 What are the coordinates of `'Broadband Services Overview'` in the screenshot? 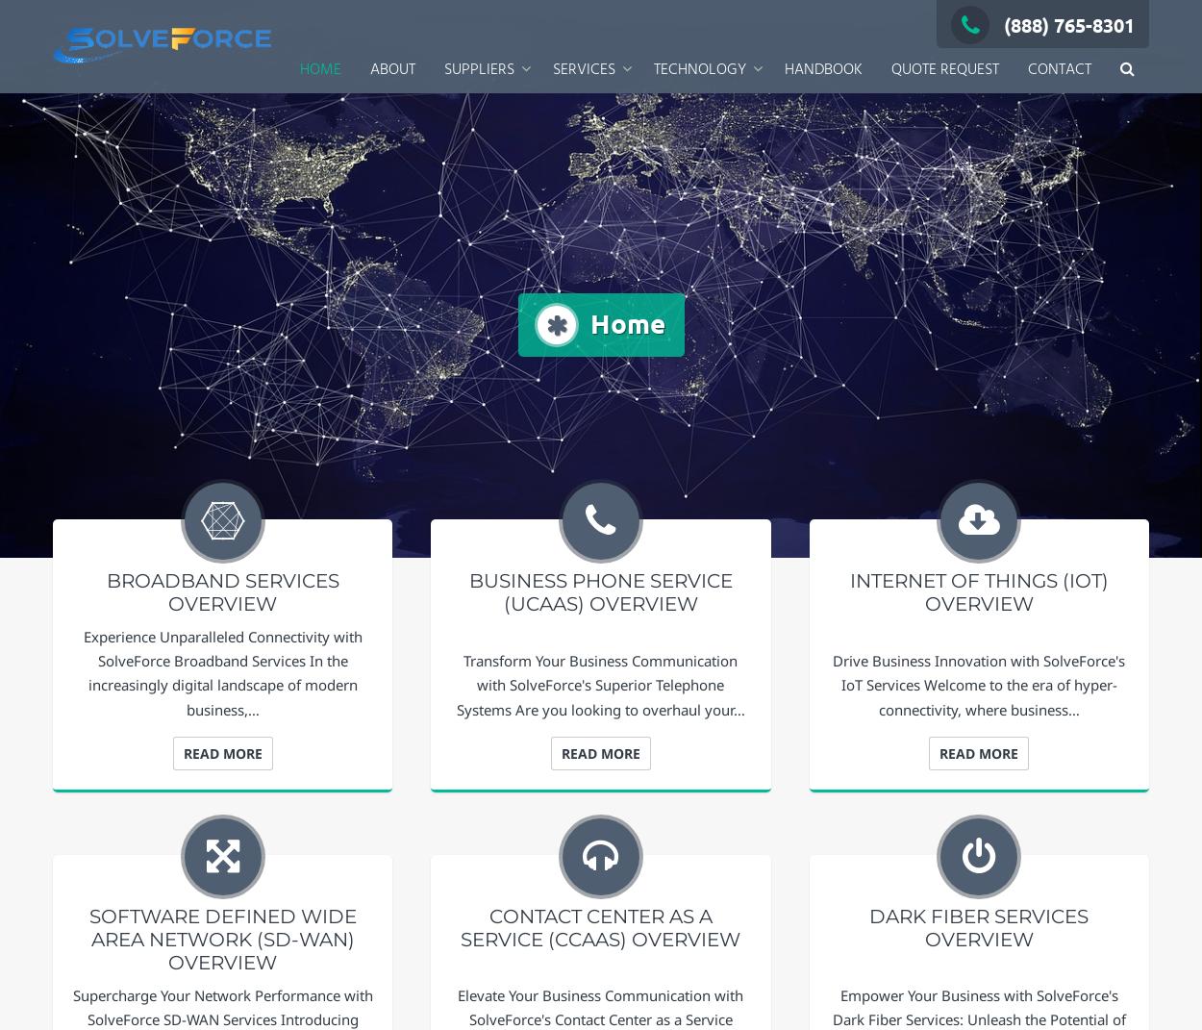 It's located at (221, 591).